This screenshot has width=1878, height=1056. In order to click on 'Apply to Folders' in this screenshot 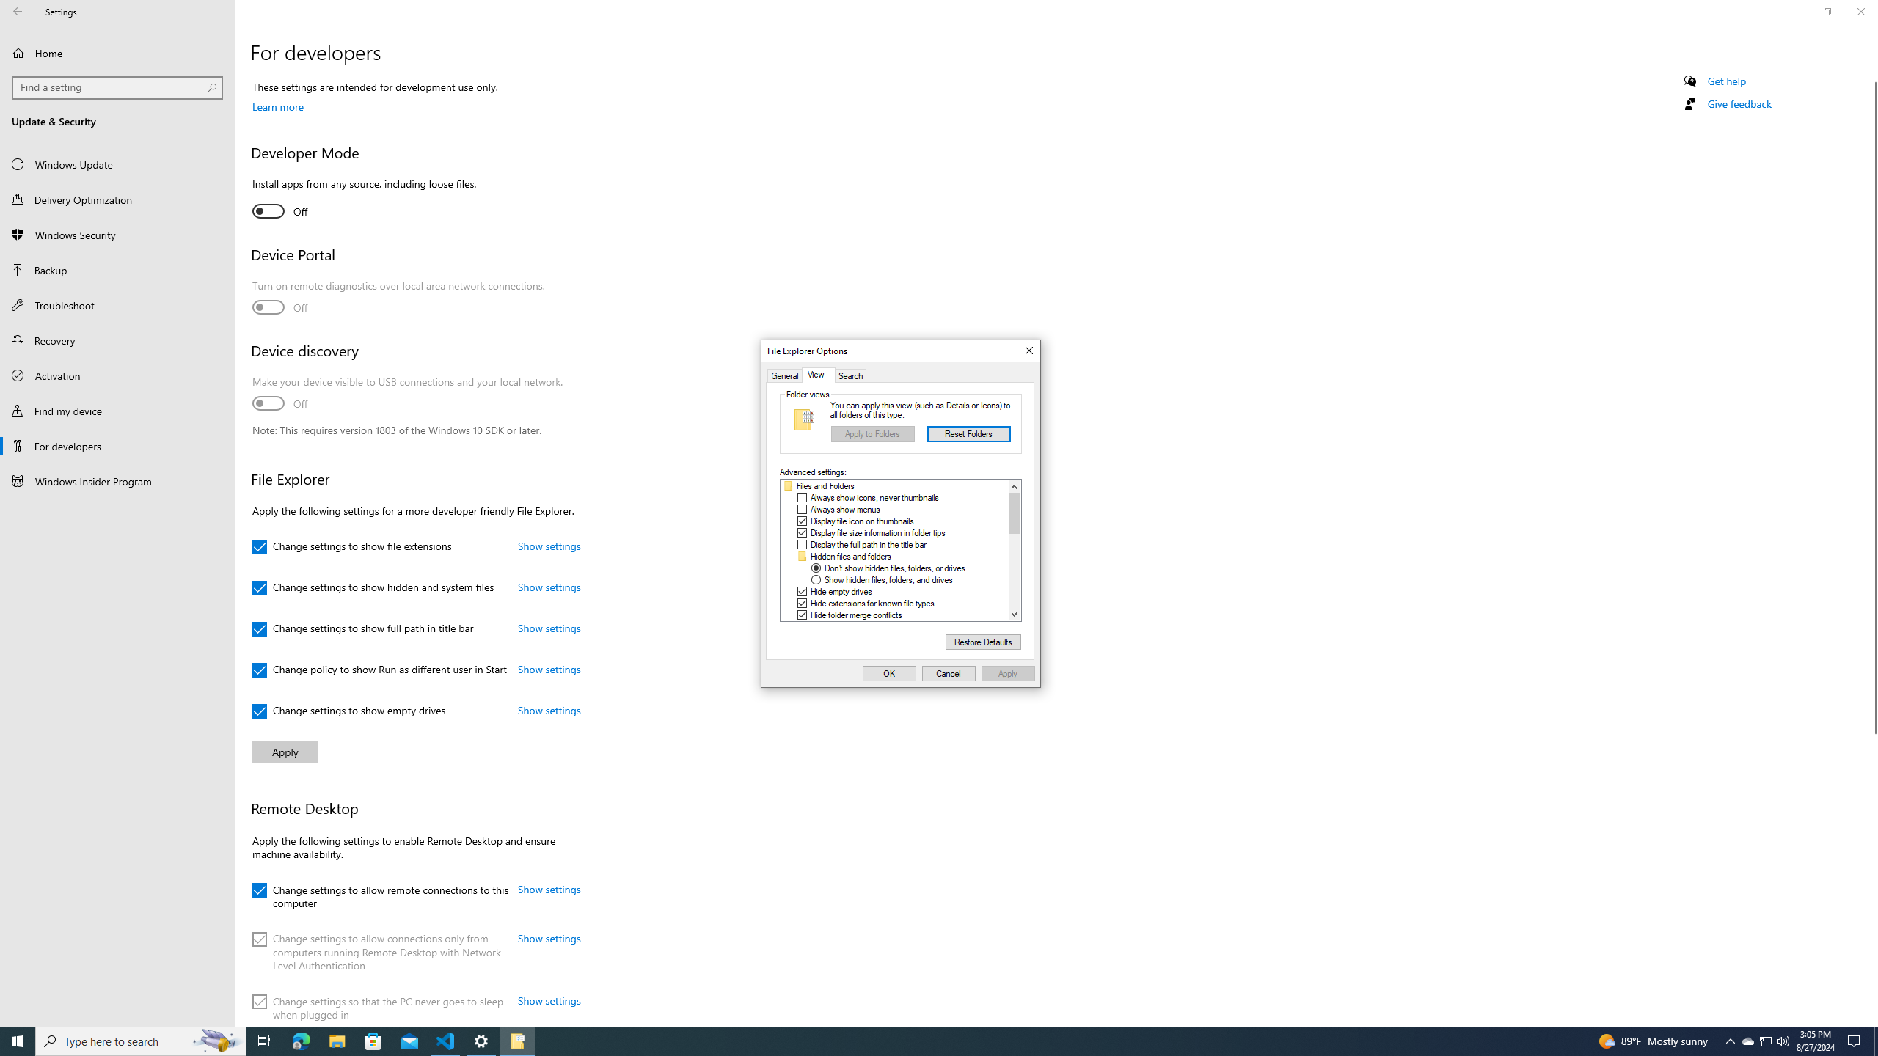, I will do `click(873, 433)`.